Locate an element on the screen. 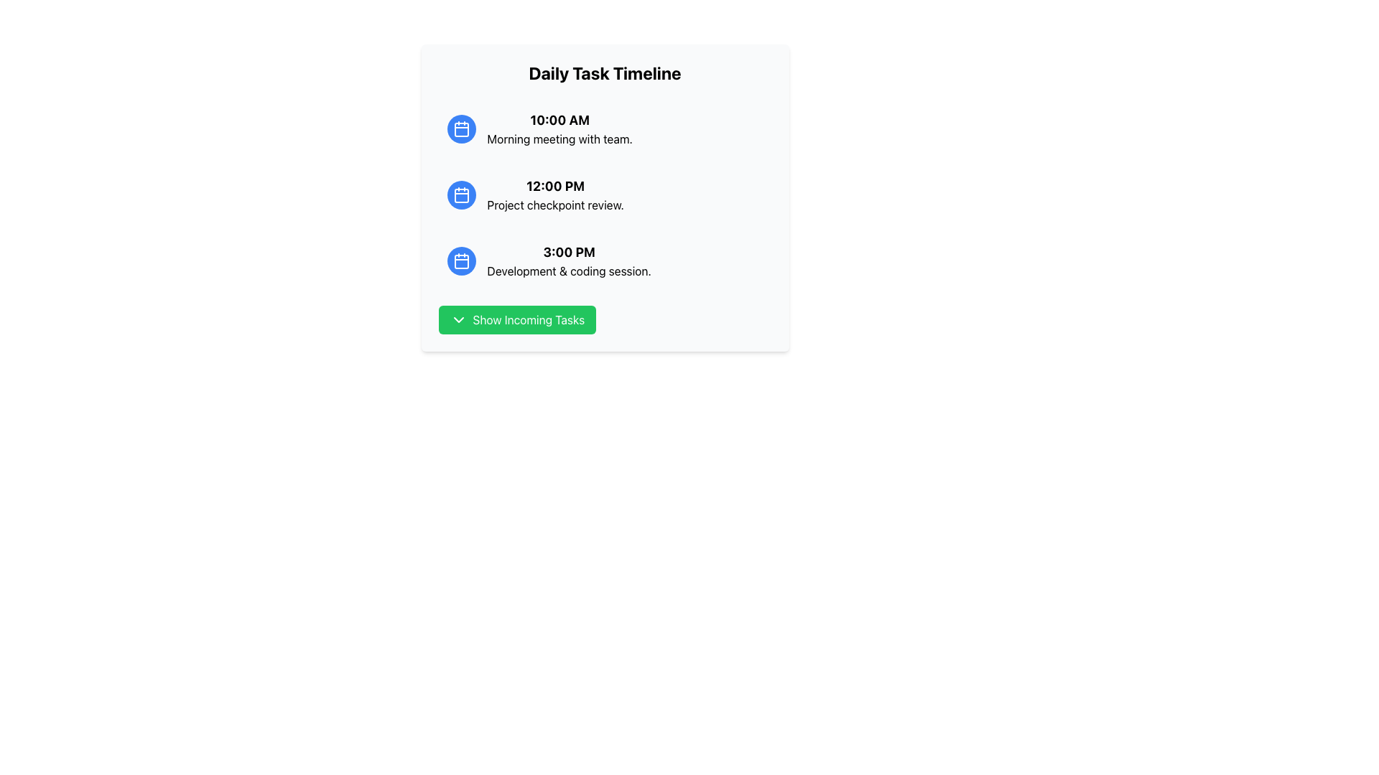 Image resolution: width=1379 pixels, height=775 pixels. the third item in the vertically arranged list of time-slot tasks, which provides information about a scheduled event at 3:00 PM labeled as 'Development & coding session.' is located at coordinates (568, 260).